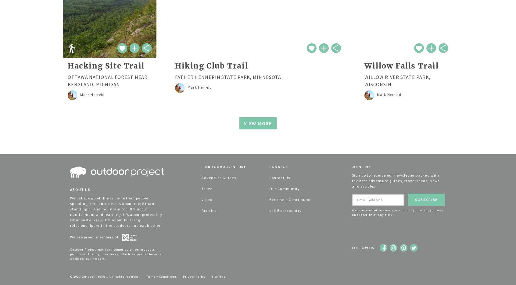 Image resolution: width=516 pixels, height=285 pixels. What do you see at coordinates (278, 166) in the screenshot?
I see `'Connect'` at bounding box center [278, 166].